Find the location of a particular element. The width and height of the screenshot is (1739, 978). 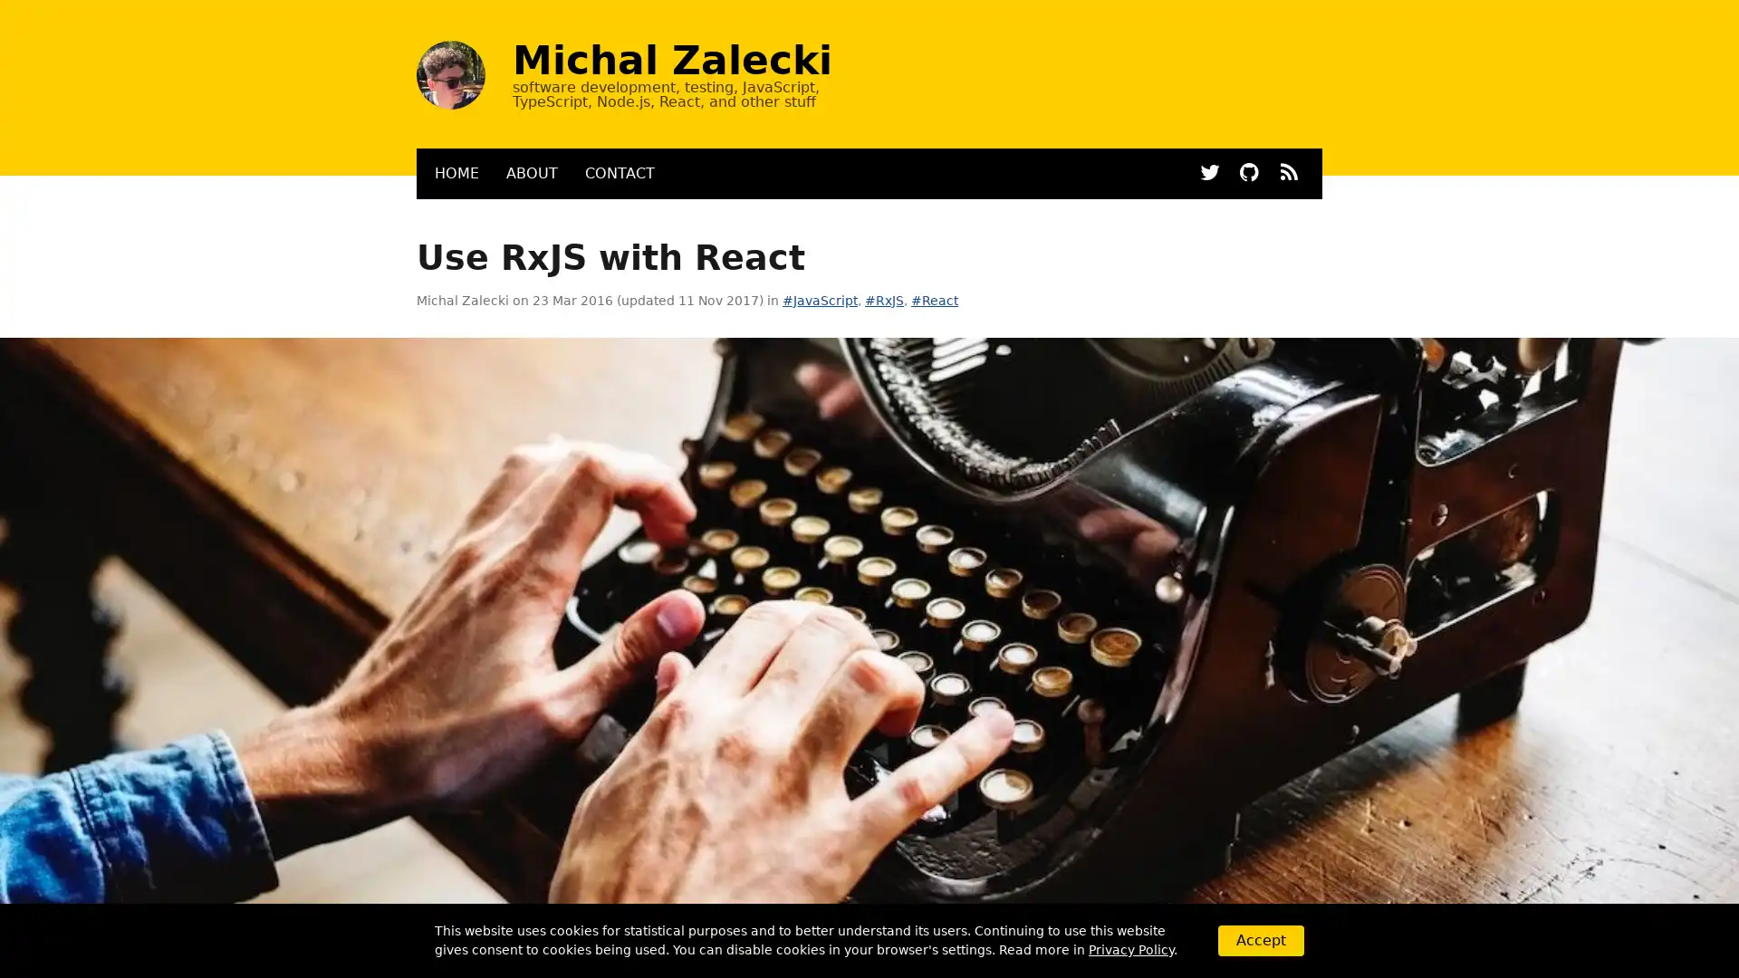

Accept is located at coordinates (1260, 939).